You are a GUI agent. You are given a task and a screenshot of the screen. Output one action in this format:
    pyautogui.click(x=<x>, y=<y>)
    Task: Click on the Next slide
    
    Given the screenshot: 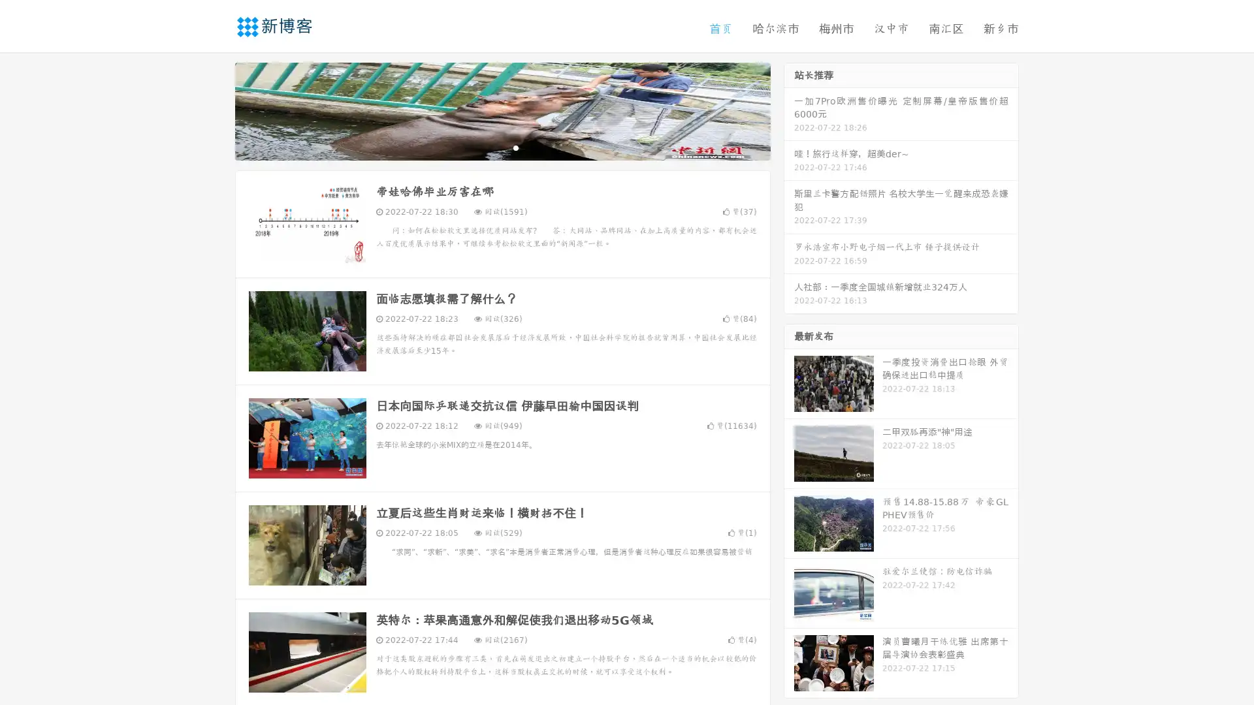 What is the action you would take?
    pyautogui.click(x=789, y=110)
    